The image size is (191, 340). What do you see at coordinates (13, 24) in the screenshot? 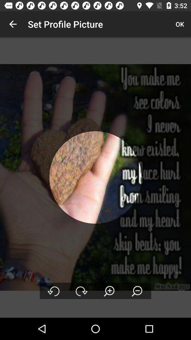
I see `the app next to set profile picture app` at bounding box center [13, 24].